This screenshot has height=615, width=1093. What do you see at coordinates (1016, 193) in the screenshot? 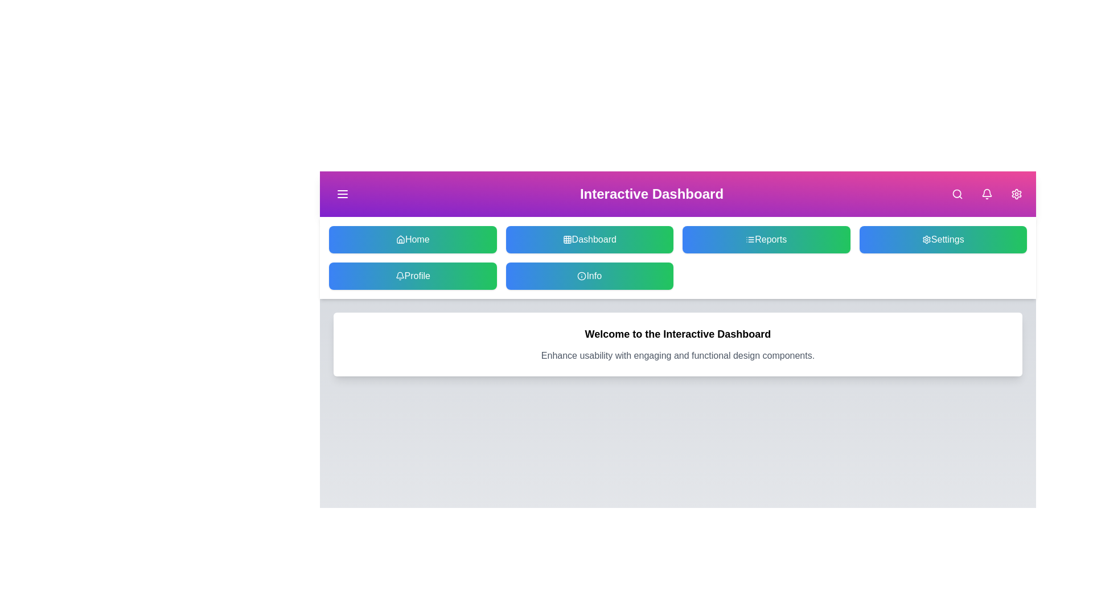
I see `the Settings button in the header navigation` at bounding box center [1016, 193].